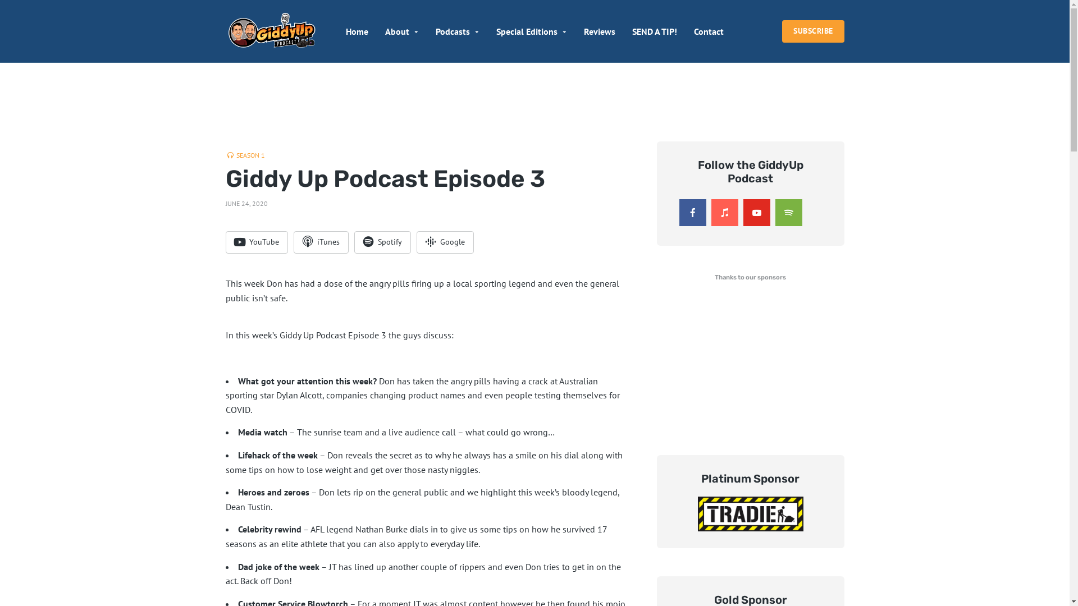 The height and width of the screenshot is (606, 1078). Describe the element at coordinates (357, 31) in the screenshot. I see `'Home'` at that location.